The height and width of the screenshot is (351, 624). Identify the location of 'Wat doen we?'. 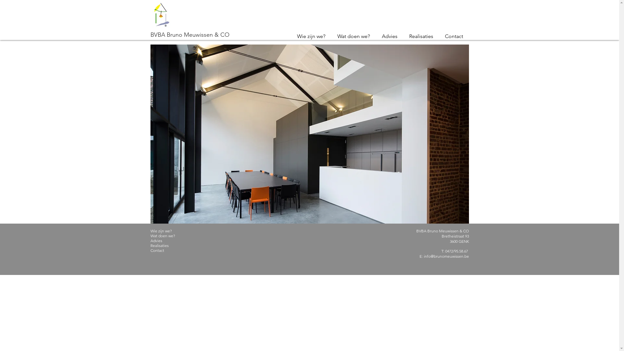
(172, 236).